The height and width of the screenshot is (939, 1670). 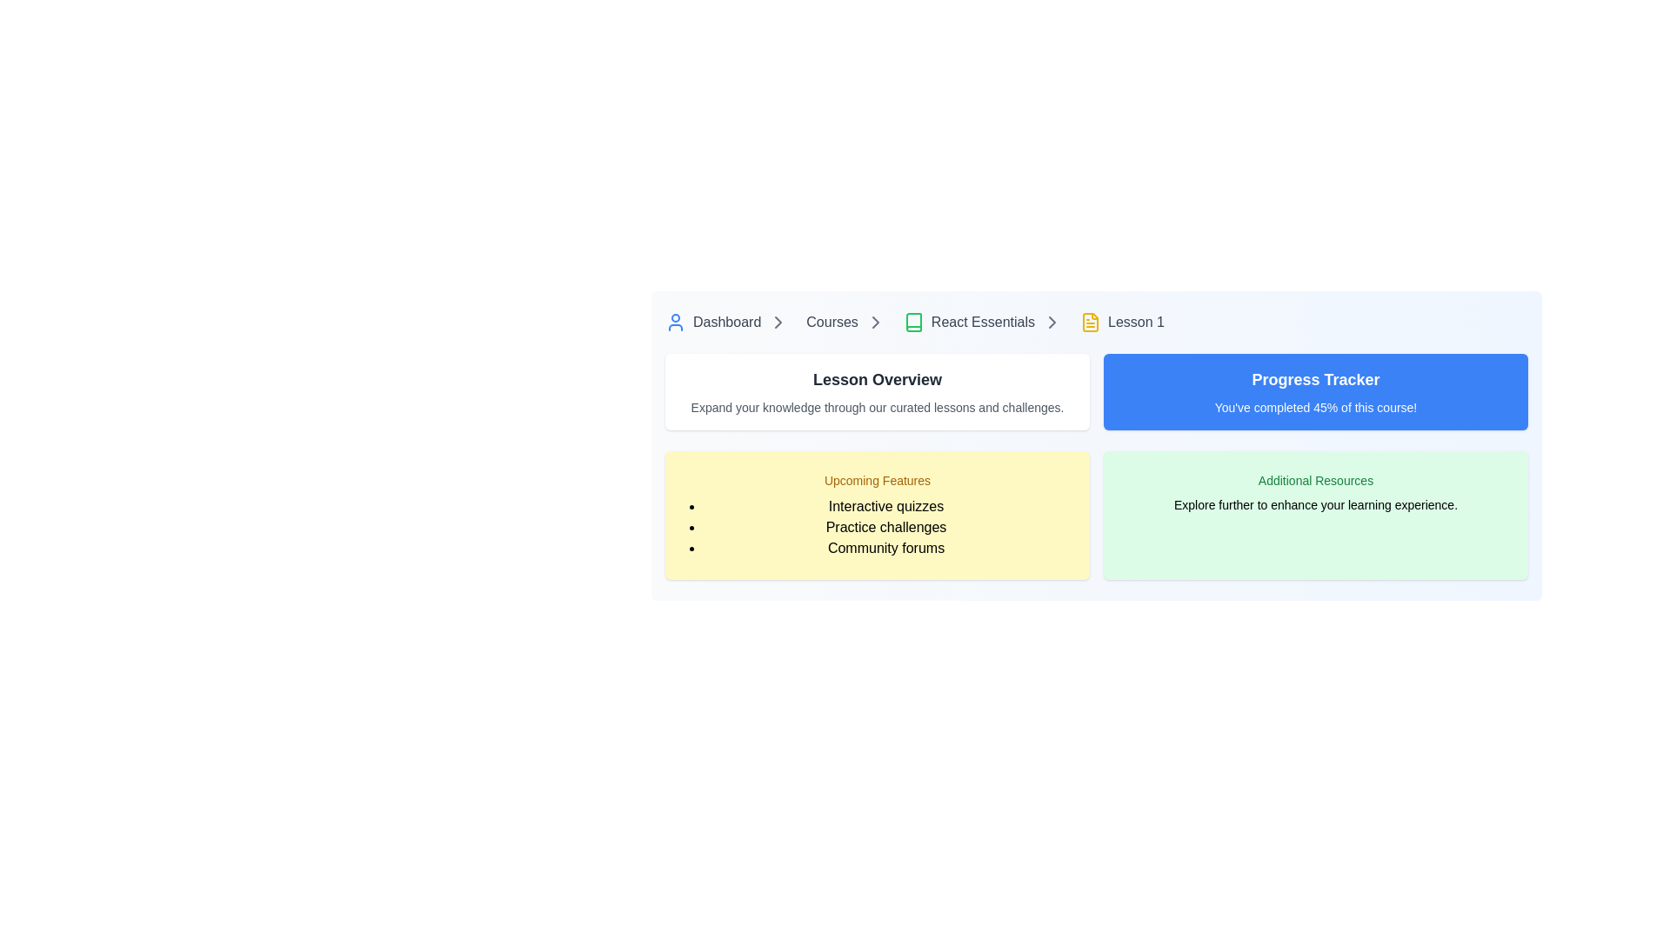 I want to click on the chevron icon in the breadcrumb navigation bar that indicates the relationship between 'Courses' and 'React Essentials', so click(x=875, y=322).